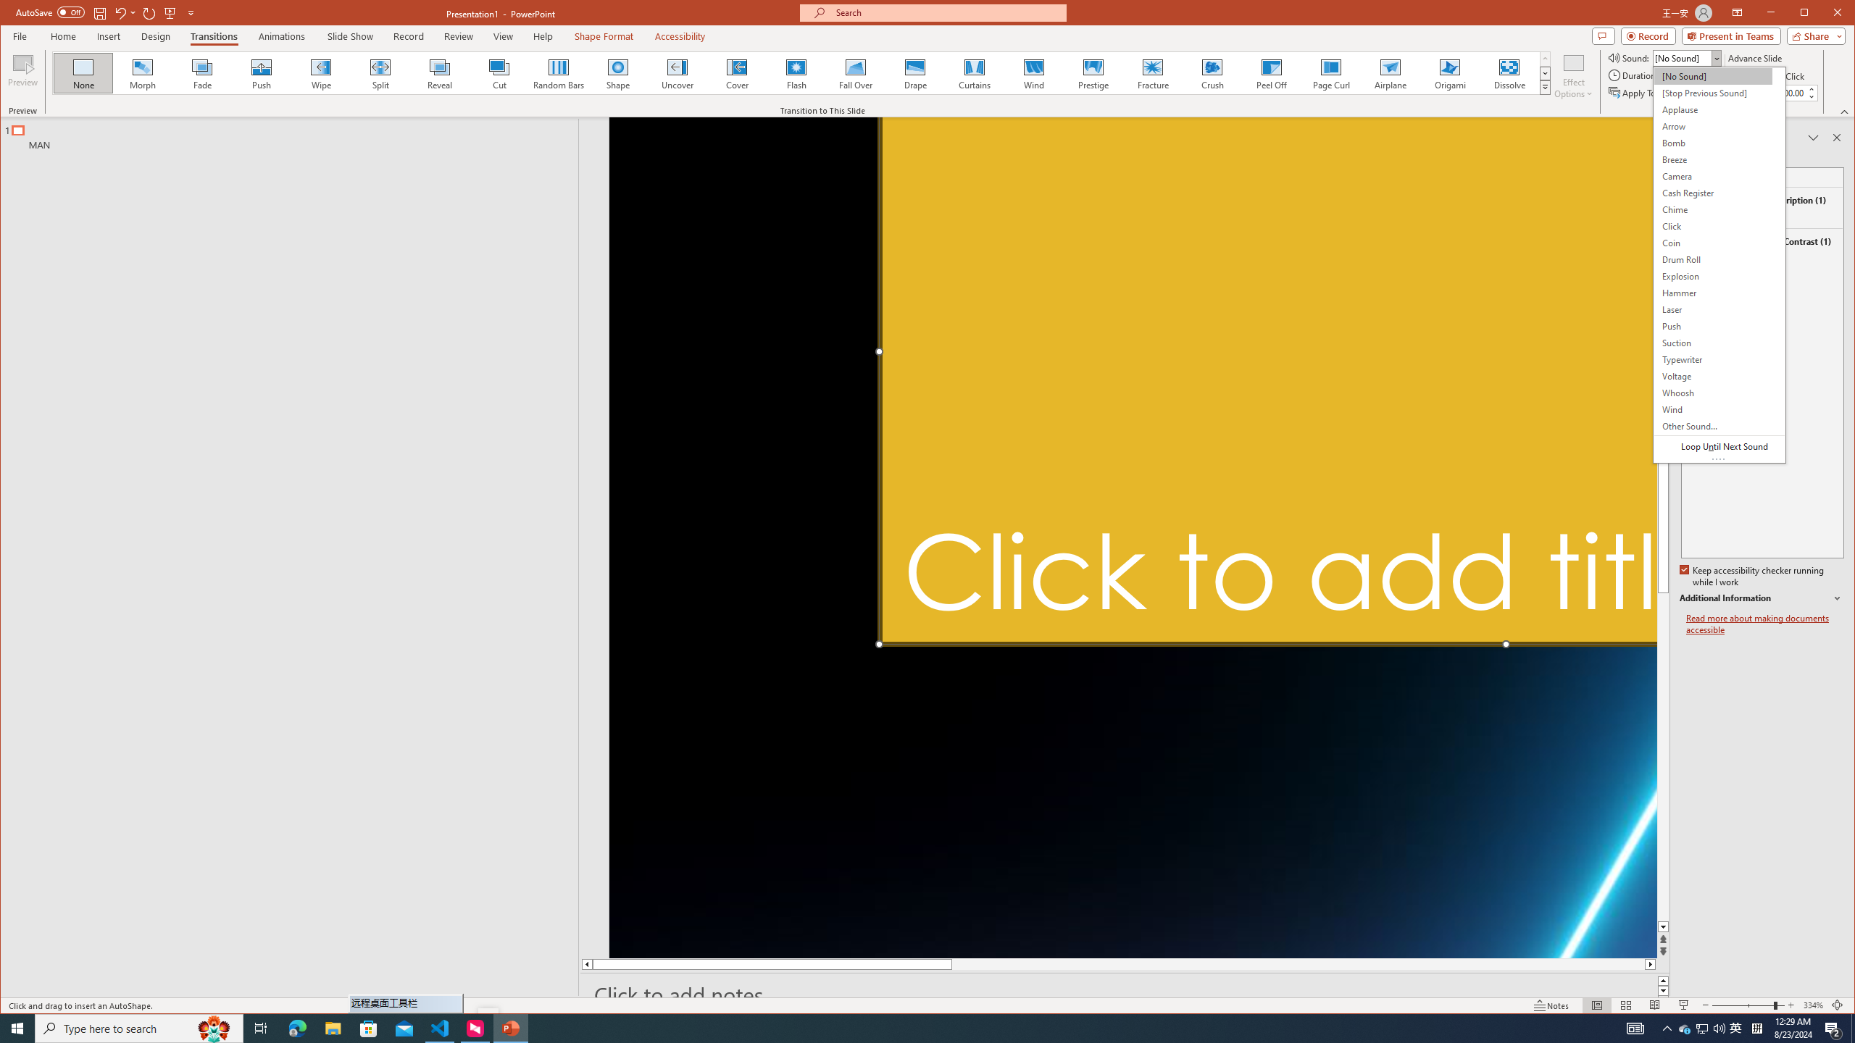 Image resolution: width=1855 pixels, height=1043 pixels. What do you see at coordinates (1544, 86) in the screenshot?
I see `'Transition Effects'` at bounding box center [1544, 86].